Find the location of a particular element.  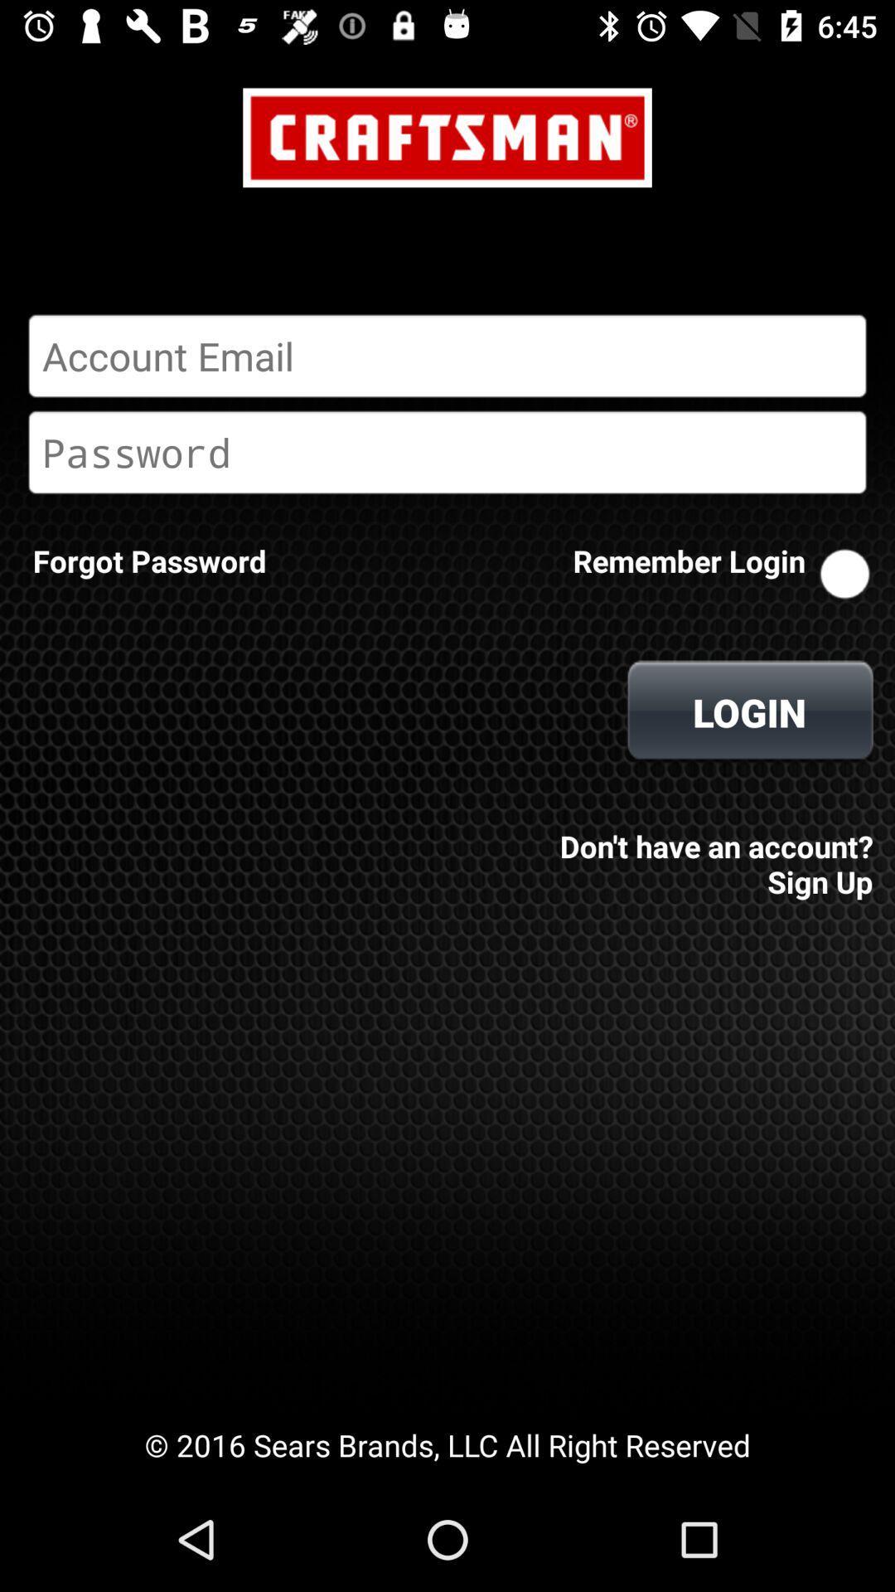

the item below login is located at coordinates (711, 852).